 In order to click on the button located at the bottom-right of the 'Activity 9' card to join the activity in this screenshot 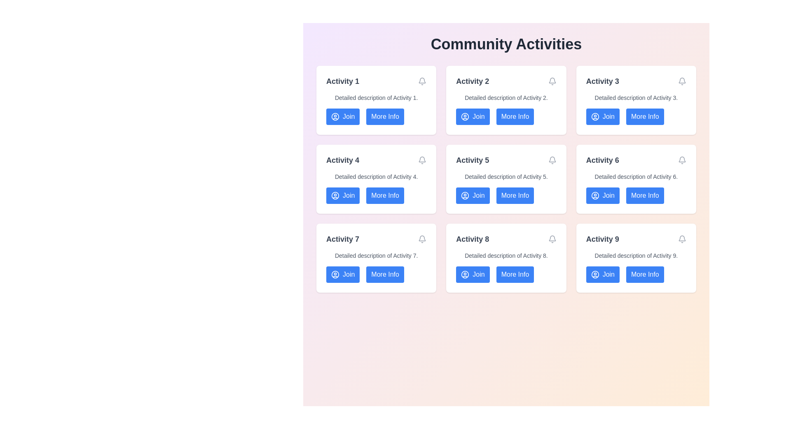, I will do `click(603, 274)`.